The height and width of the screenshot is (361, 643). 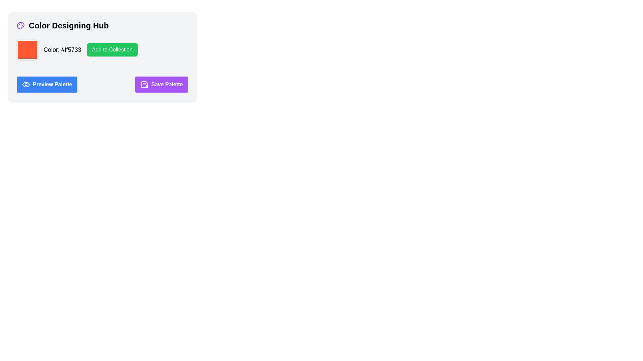 I want to click on the 'Save Palette' button, which is a purple rectangular button with a white bold text label and a save icon, located in the bottom-right corner of the 'Color Designing Hub', so click(x=161, y=84).